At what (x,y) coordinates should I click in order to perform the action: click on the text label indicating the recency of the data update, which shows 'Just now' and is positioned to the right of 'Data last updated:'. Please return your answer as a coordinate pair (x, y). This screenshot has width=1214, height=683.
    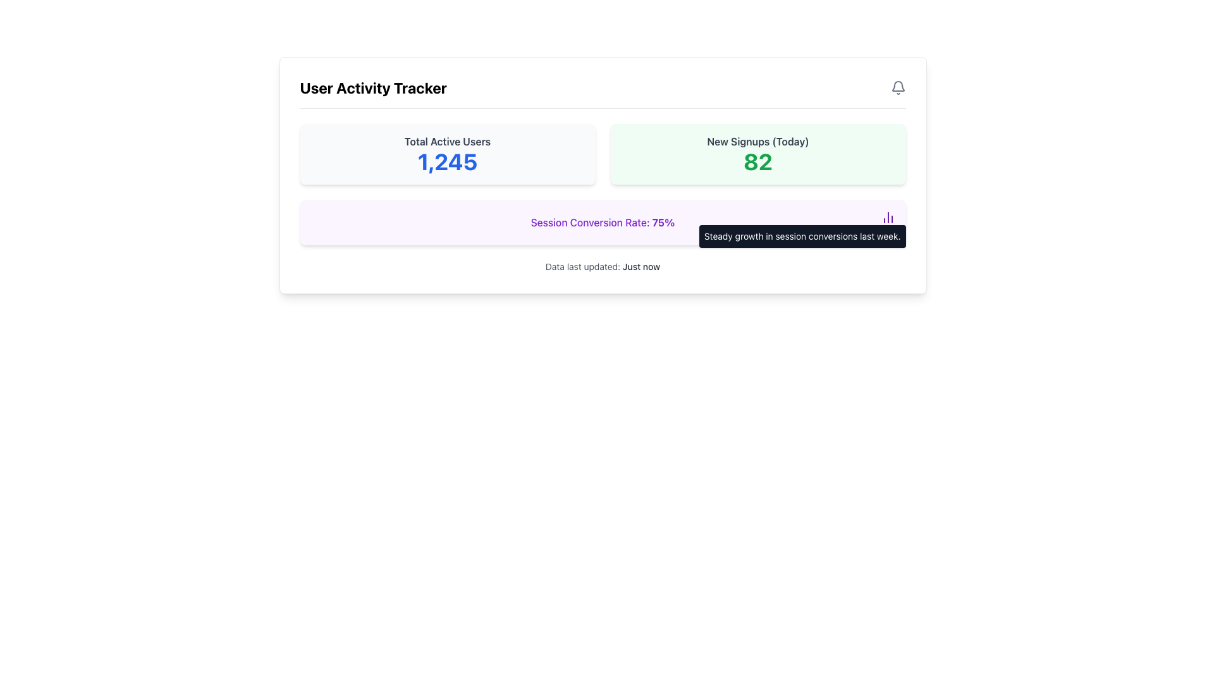
    Looking at the image, I should click on (641, 266).